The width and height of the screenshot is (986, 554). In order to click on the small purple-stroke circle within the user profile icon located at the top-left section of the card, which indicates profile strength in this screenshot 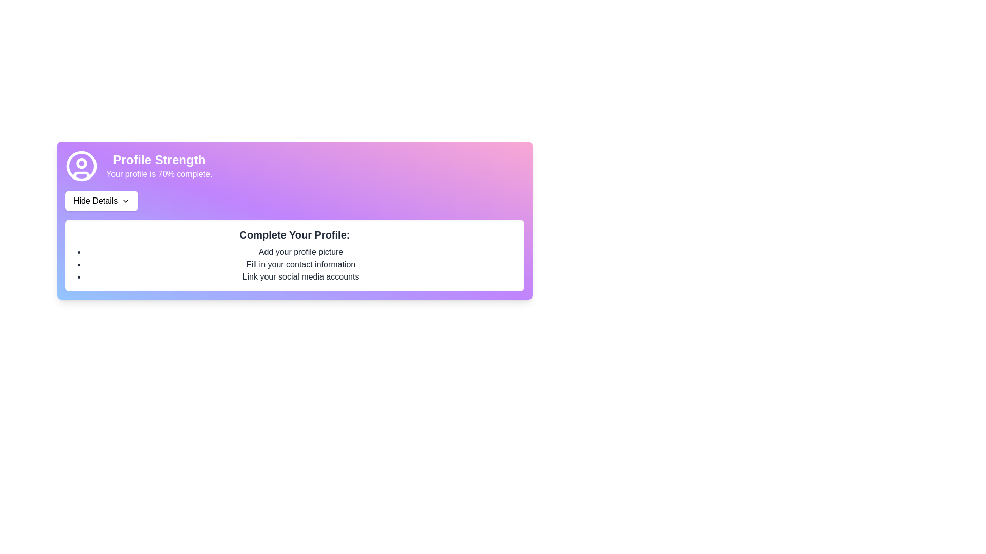, I will do `click(81, 162)`.